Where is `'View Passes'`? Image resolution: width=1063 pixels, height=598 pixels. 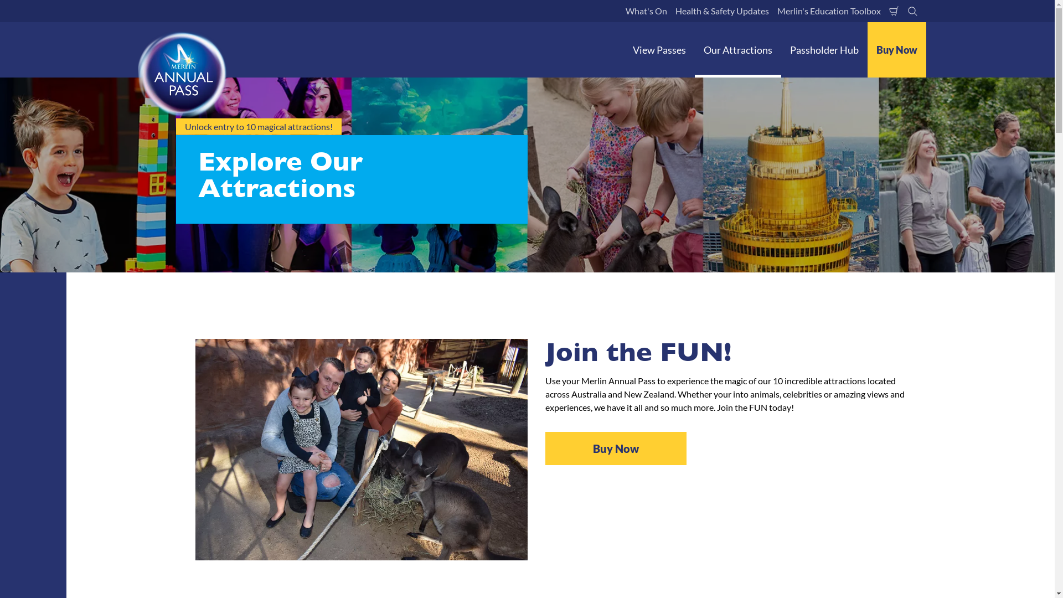
'View Passes' is located at coordinates (659, 49).